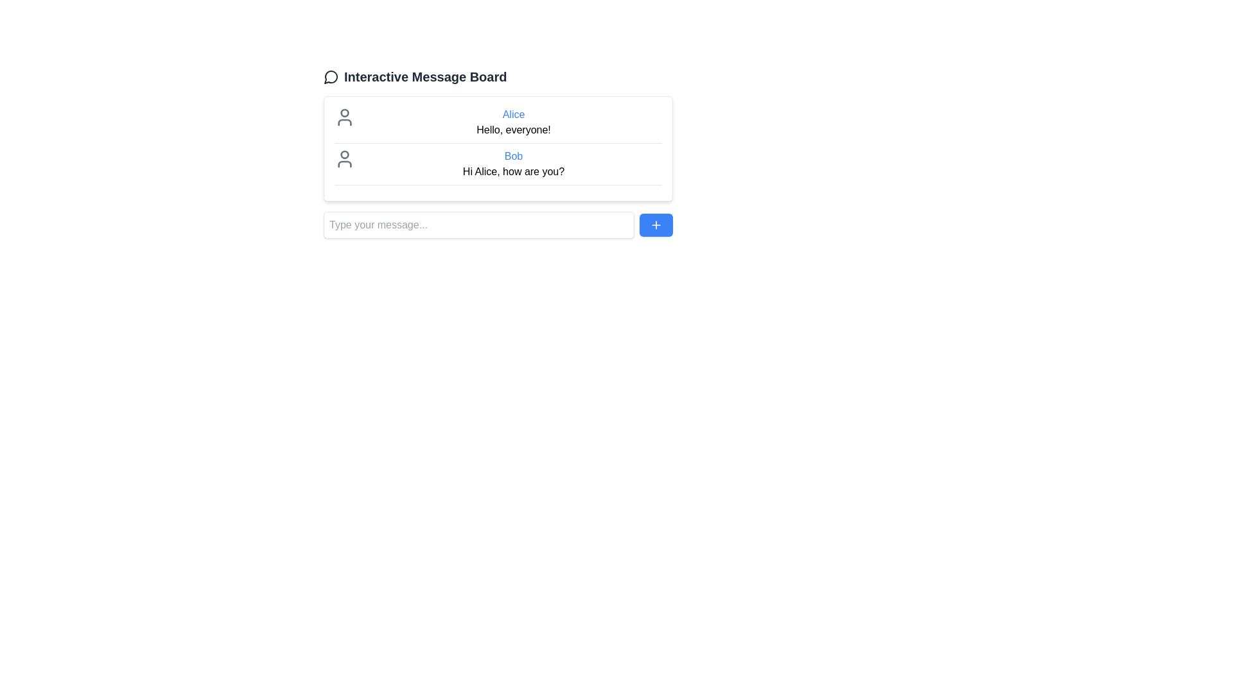 The image size is (1233, 693). What do you see at coordinates (345, 153) in the screenshot?
I see `the circular icon representing a part of the user icon for Bob, which is positioned above the bottom arc of the user avatar` at bounding box center [345, 153].